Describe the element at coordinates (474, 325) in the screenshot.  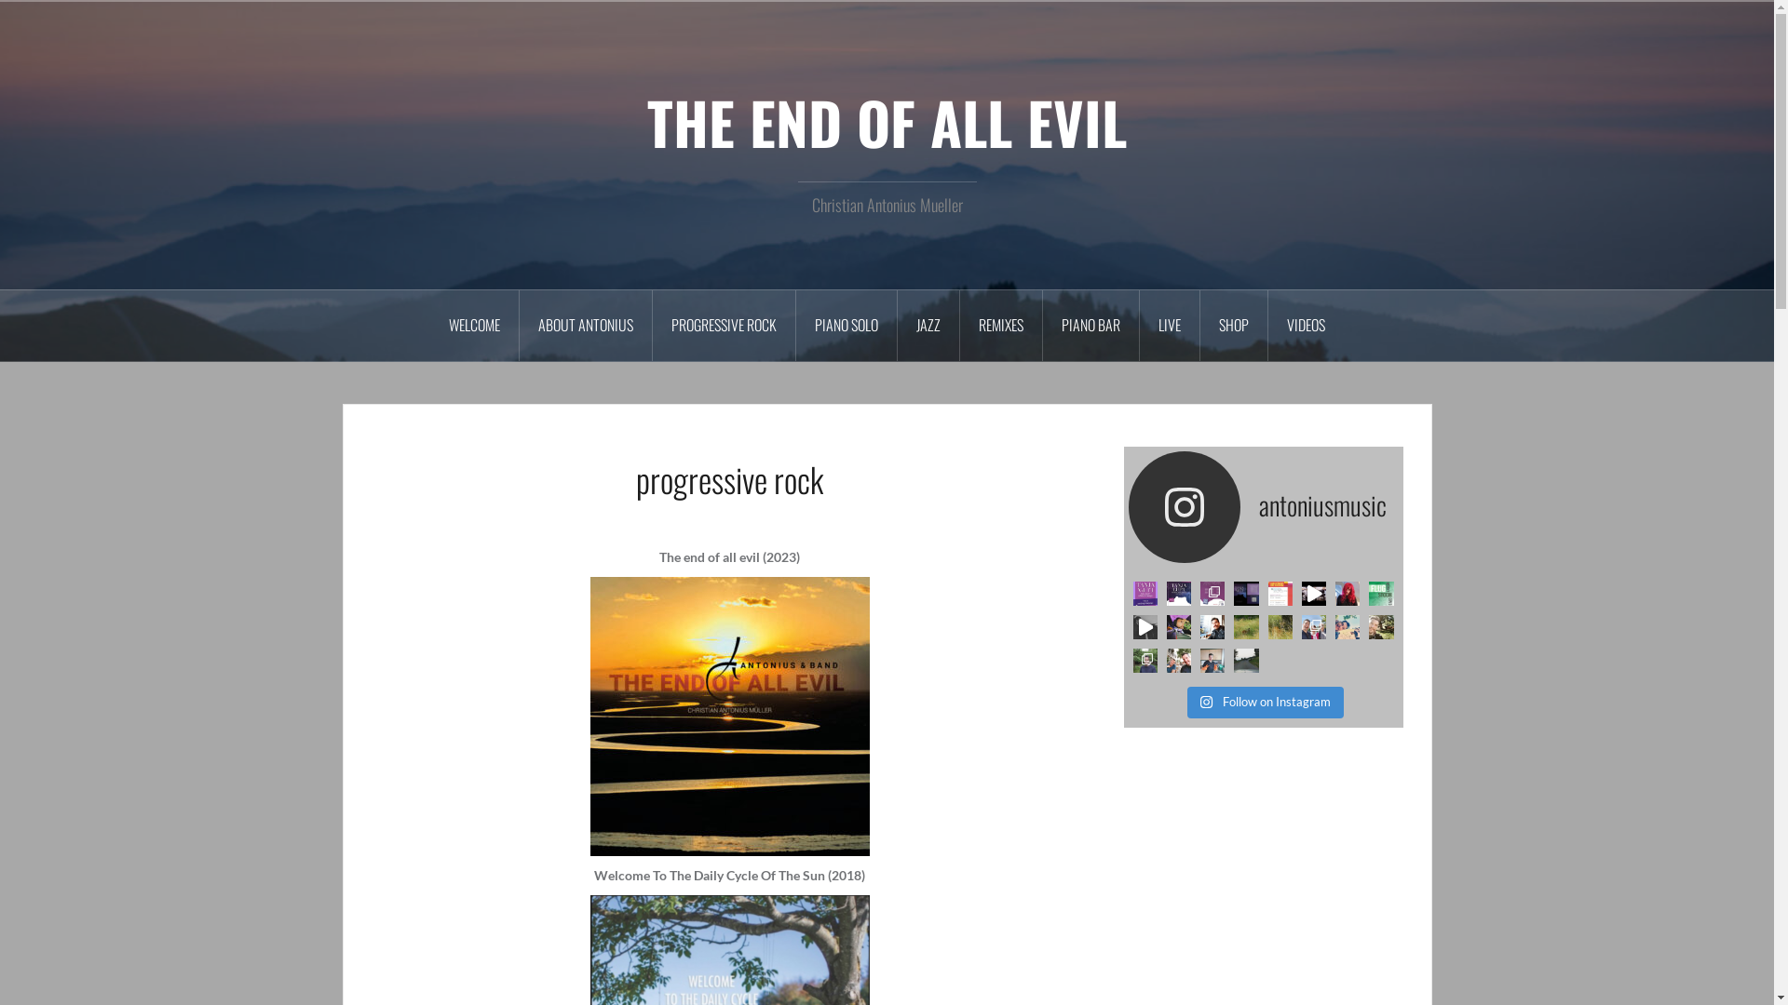
I see `'WELCOME'` at that location.